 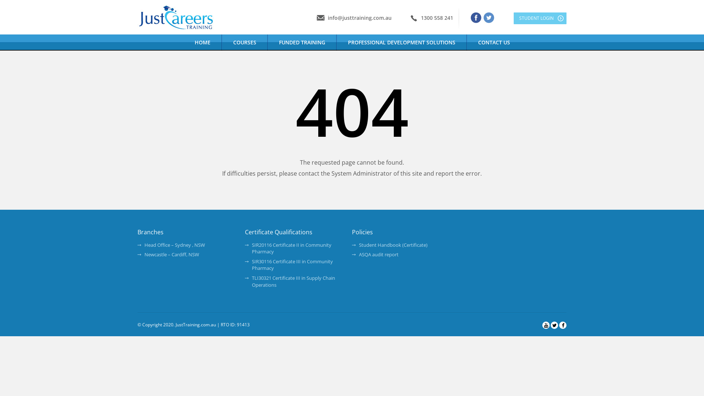 I want to click on 'COURSES', so click(x=245, y=42).